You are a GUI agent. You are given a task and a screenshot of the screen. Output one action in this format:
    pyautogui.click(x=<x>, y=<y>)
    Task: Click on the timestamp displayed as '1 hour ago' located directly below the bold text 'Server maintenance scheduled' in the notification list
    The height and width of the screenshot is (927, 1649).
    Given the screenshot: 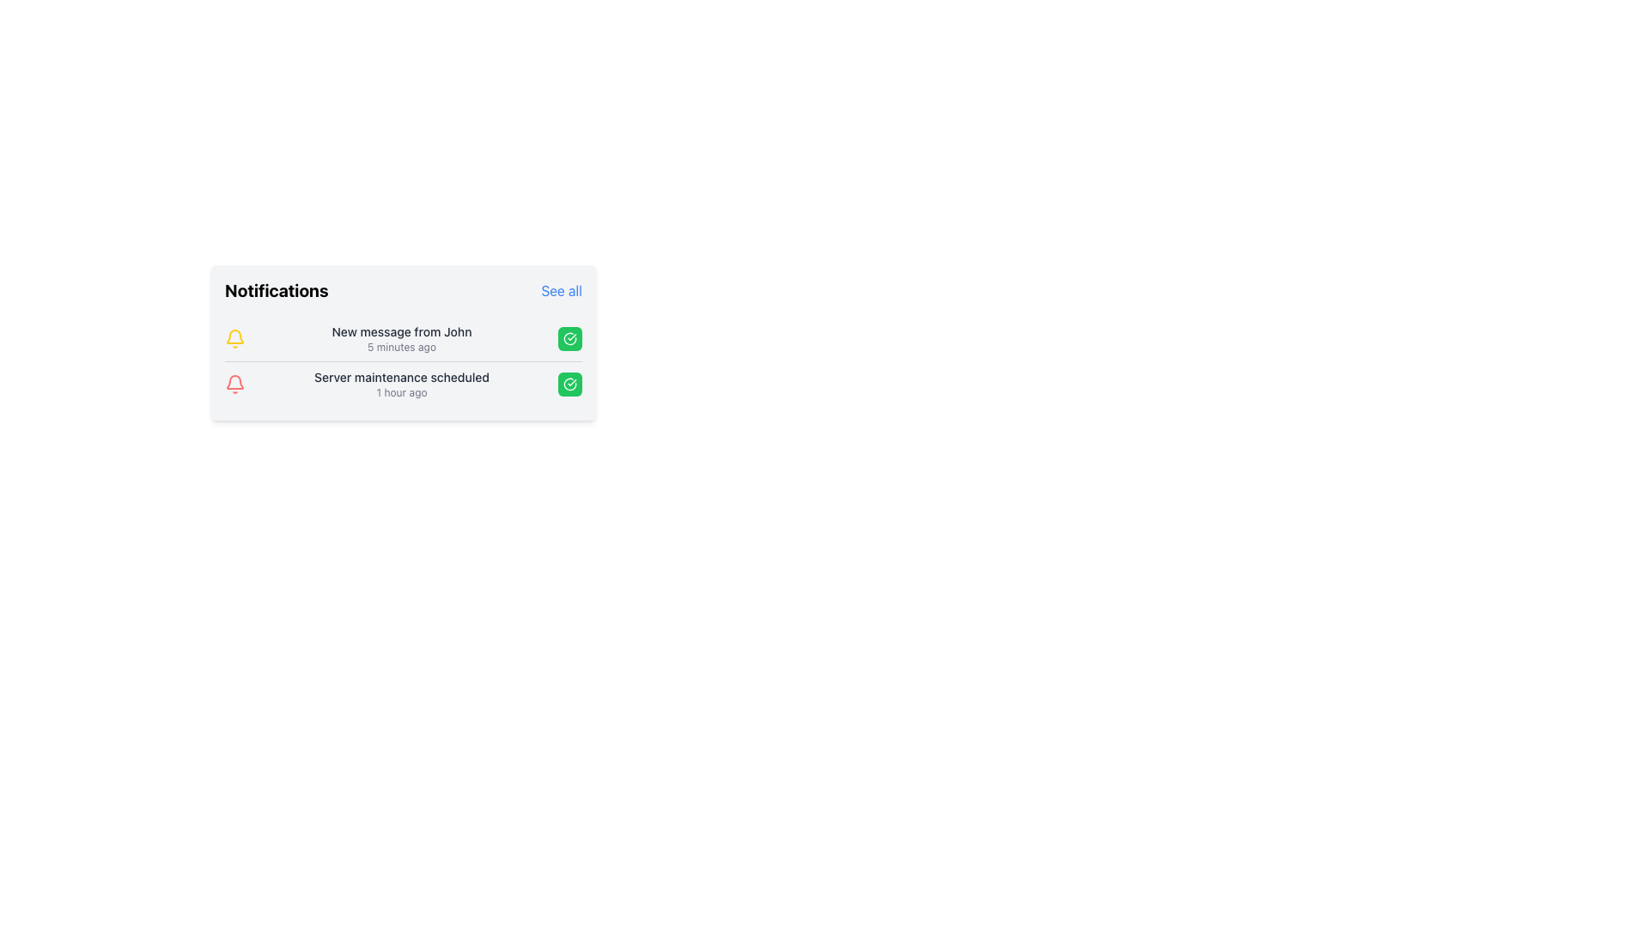 What is the action you would take?
    pyautogui.click(x=400, y=393)
    